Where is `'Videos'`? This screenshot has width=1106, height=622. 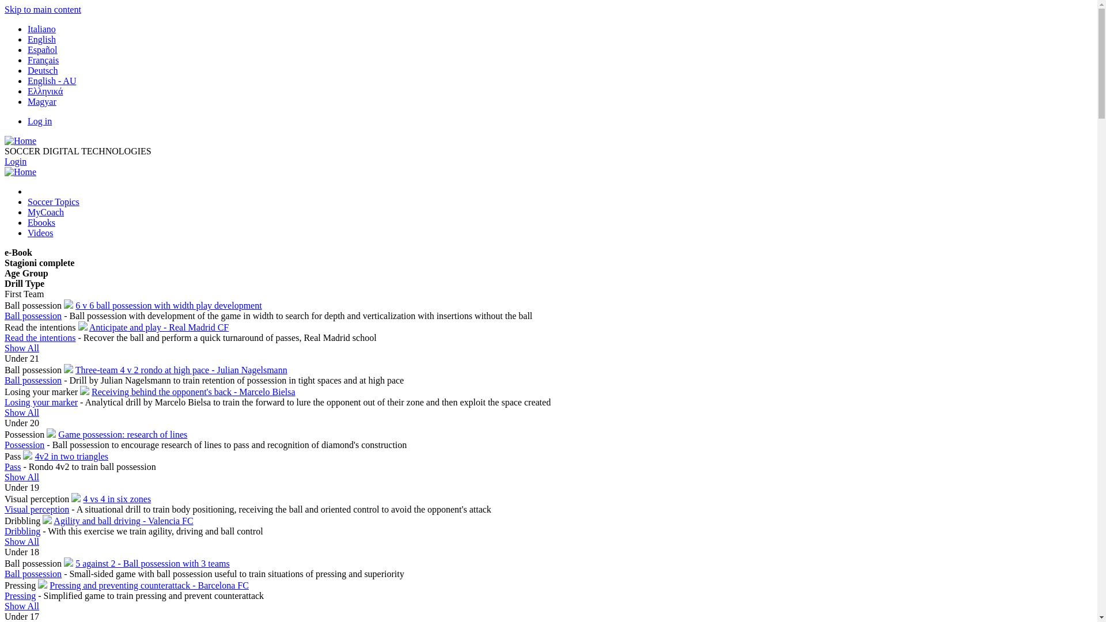
'Videos' is located at coordinates (40, 233).